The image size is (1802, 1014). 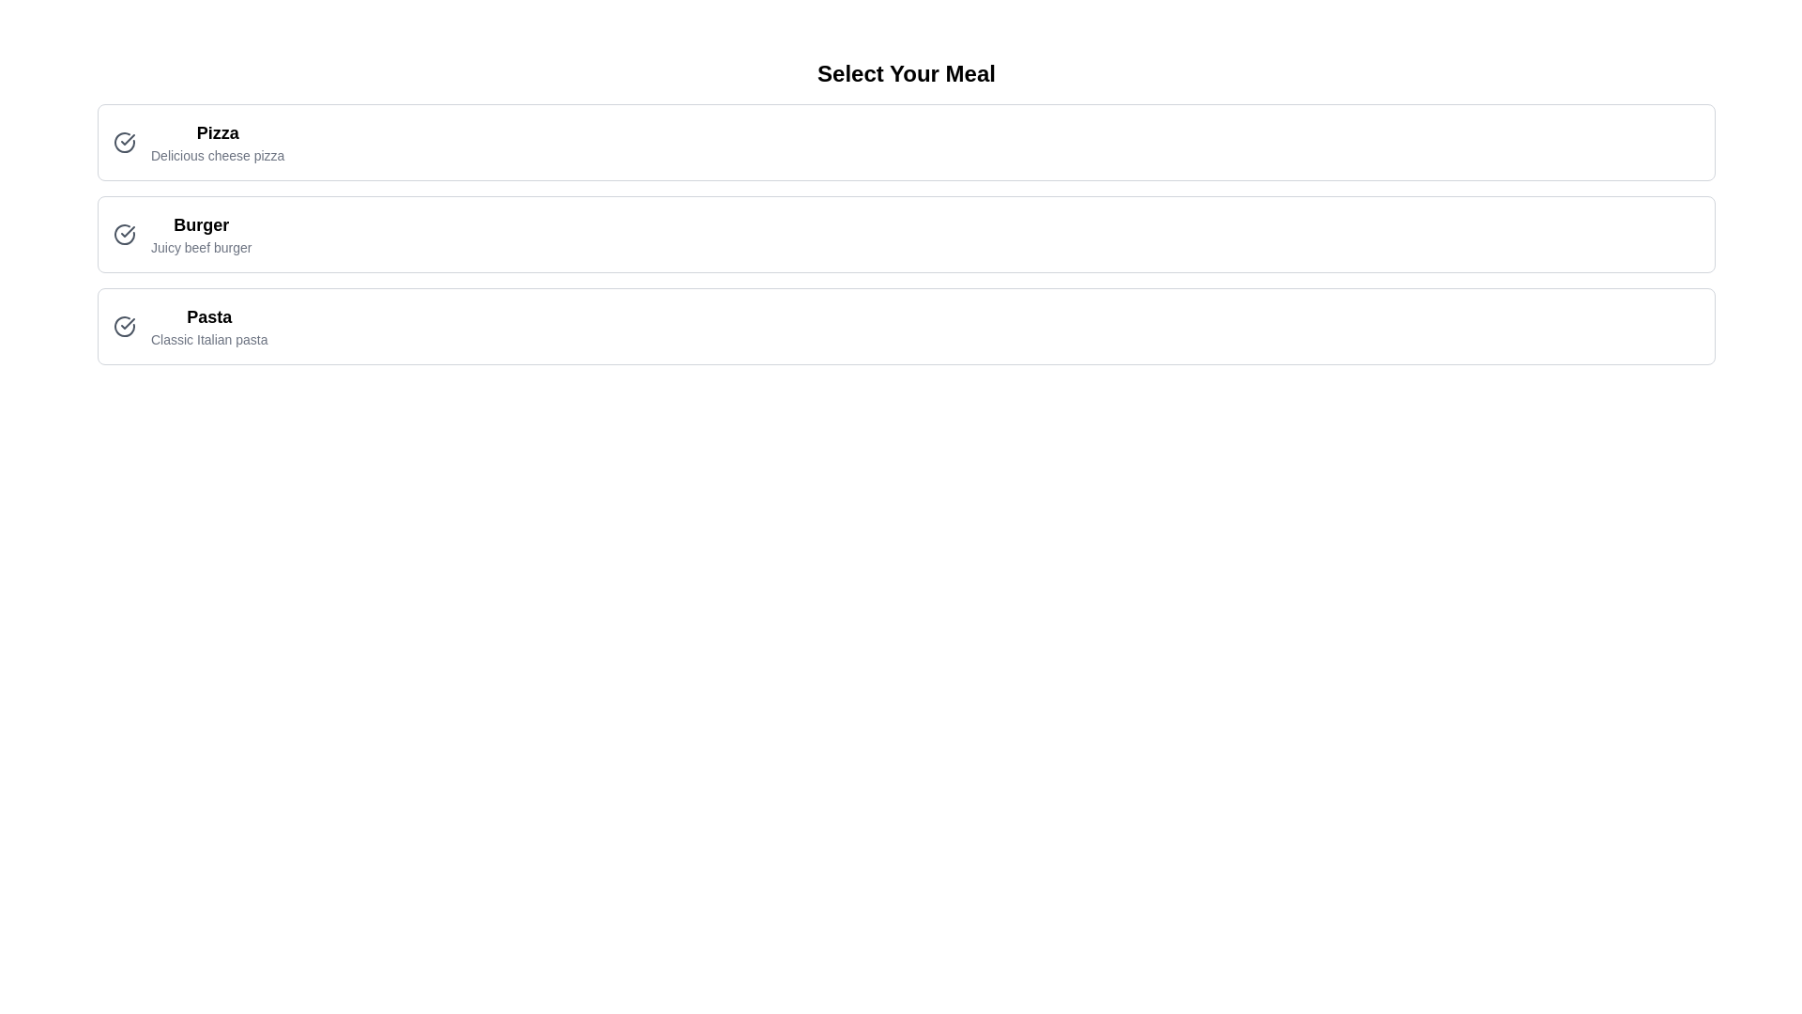 I want to click on the outlined circle icon with a checkmark located beside the text 'Pizza' in the vertically stacked list, so click(x=124, y=141).